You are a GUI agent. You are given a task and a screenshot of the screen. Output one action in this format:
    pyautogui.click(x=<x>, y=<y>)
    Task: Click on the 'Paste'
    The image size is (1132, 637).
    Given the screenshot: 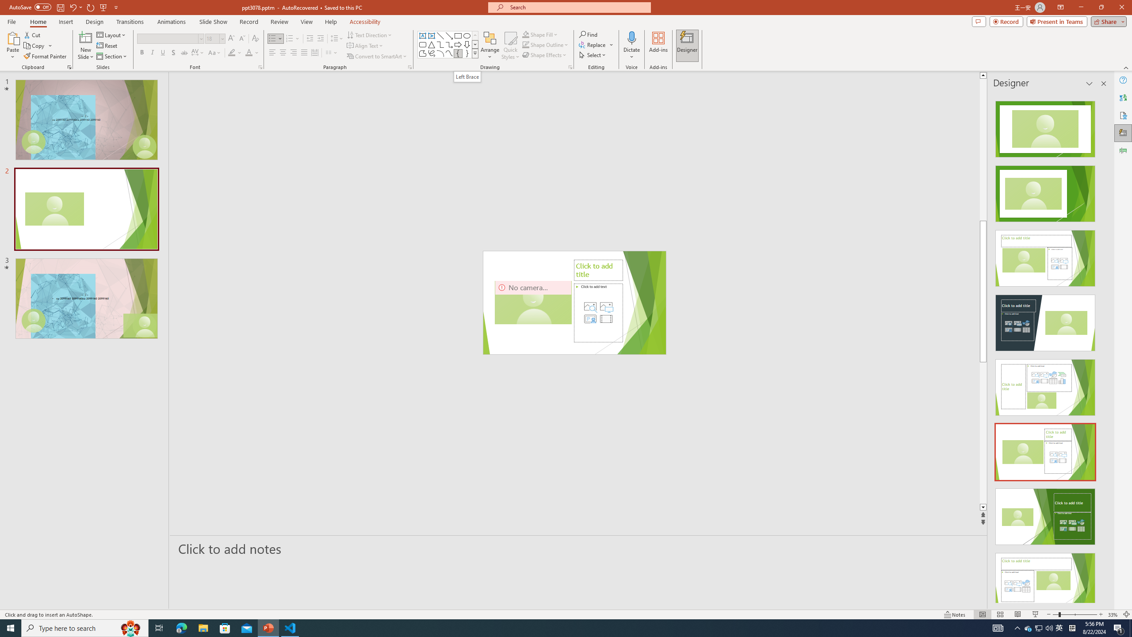 What is the action you would take?
    pyautogui.click(x=12, y=46)
    